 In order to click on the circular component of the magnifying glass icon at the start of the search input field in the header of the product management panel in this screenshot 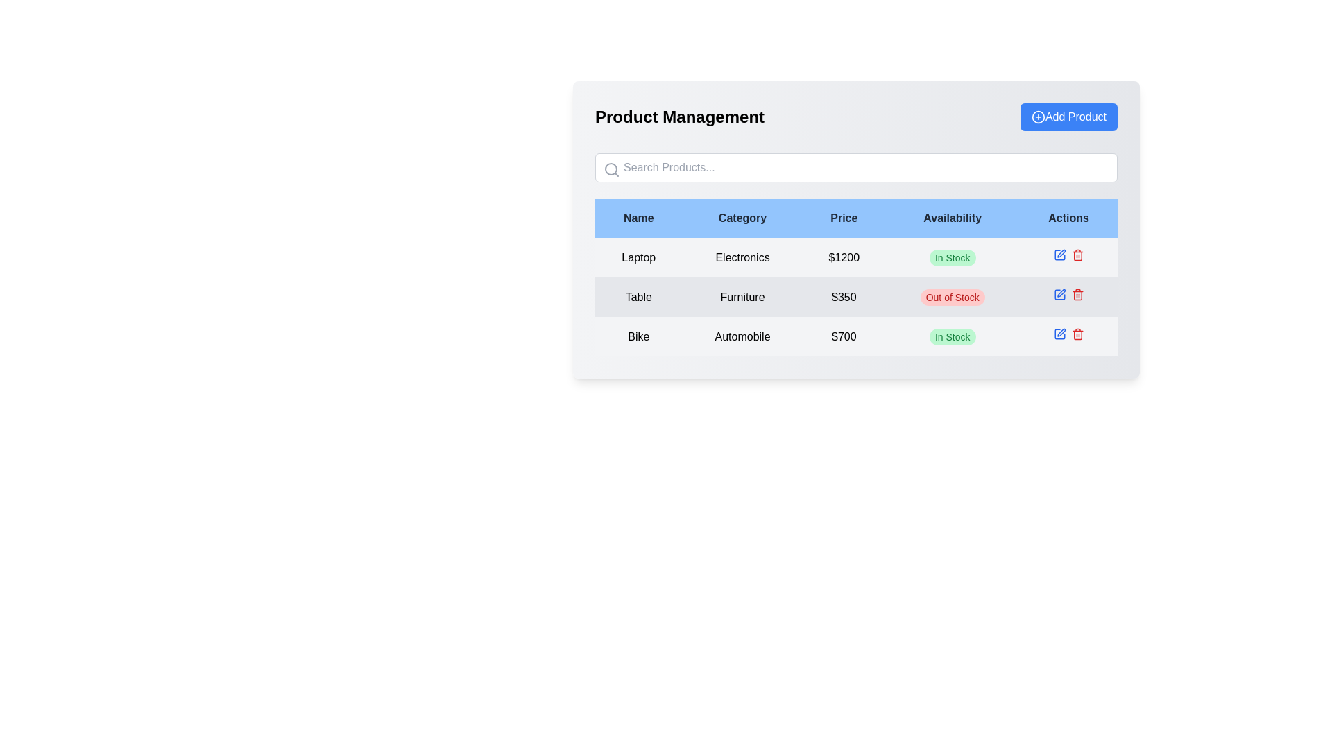, I will do `click(610, 168)`.